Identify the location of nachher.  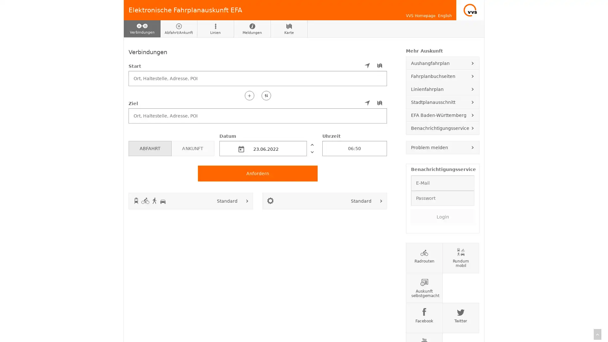
(312, 152).